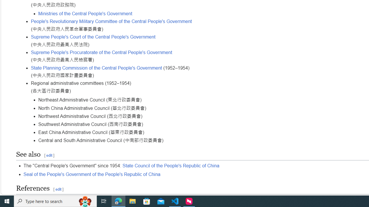 The height and width of the screenshot is (207, 369). What do you see at coordinates (97, 67) in the screenshot?
I see `'State Planning Commission of the Central People'` at bounding box center [97, 67].